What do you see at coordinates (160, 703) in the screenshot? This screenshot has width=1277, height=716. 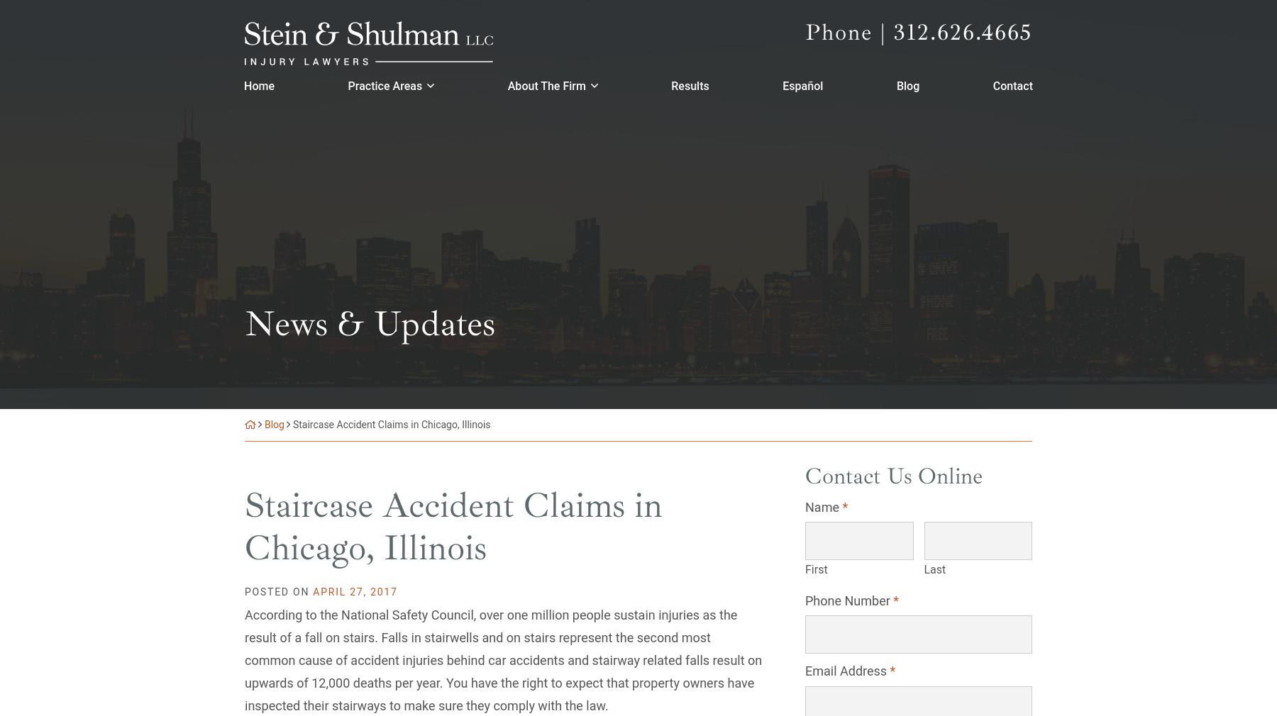 I see `'Se Habla Español'` at bounding box center [160, 703].